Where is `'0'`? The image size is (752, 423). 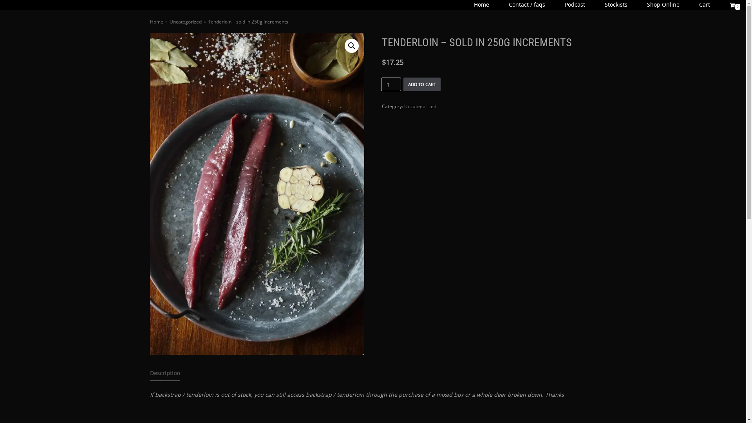
'0' is located at coordinates (734, 5).